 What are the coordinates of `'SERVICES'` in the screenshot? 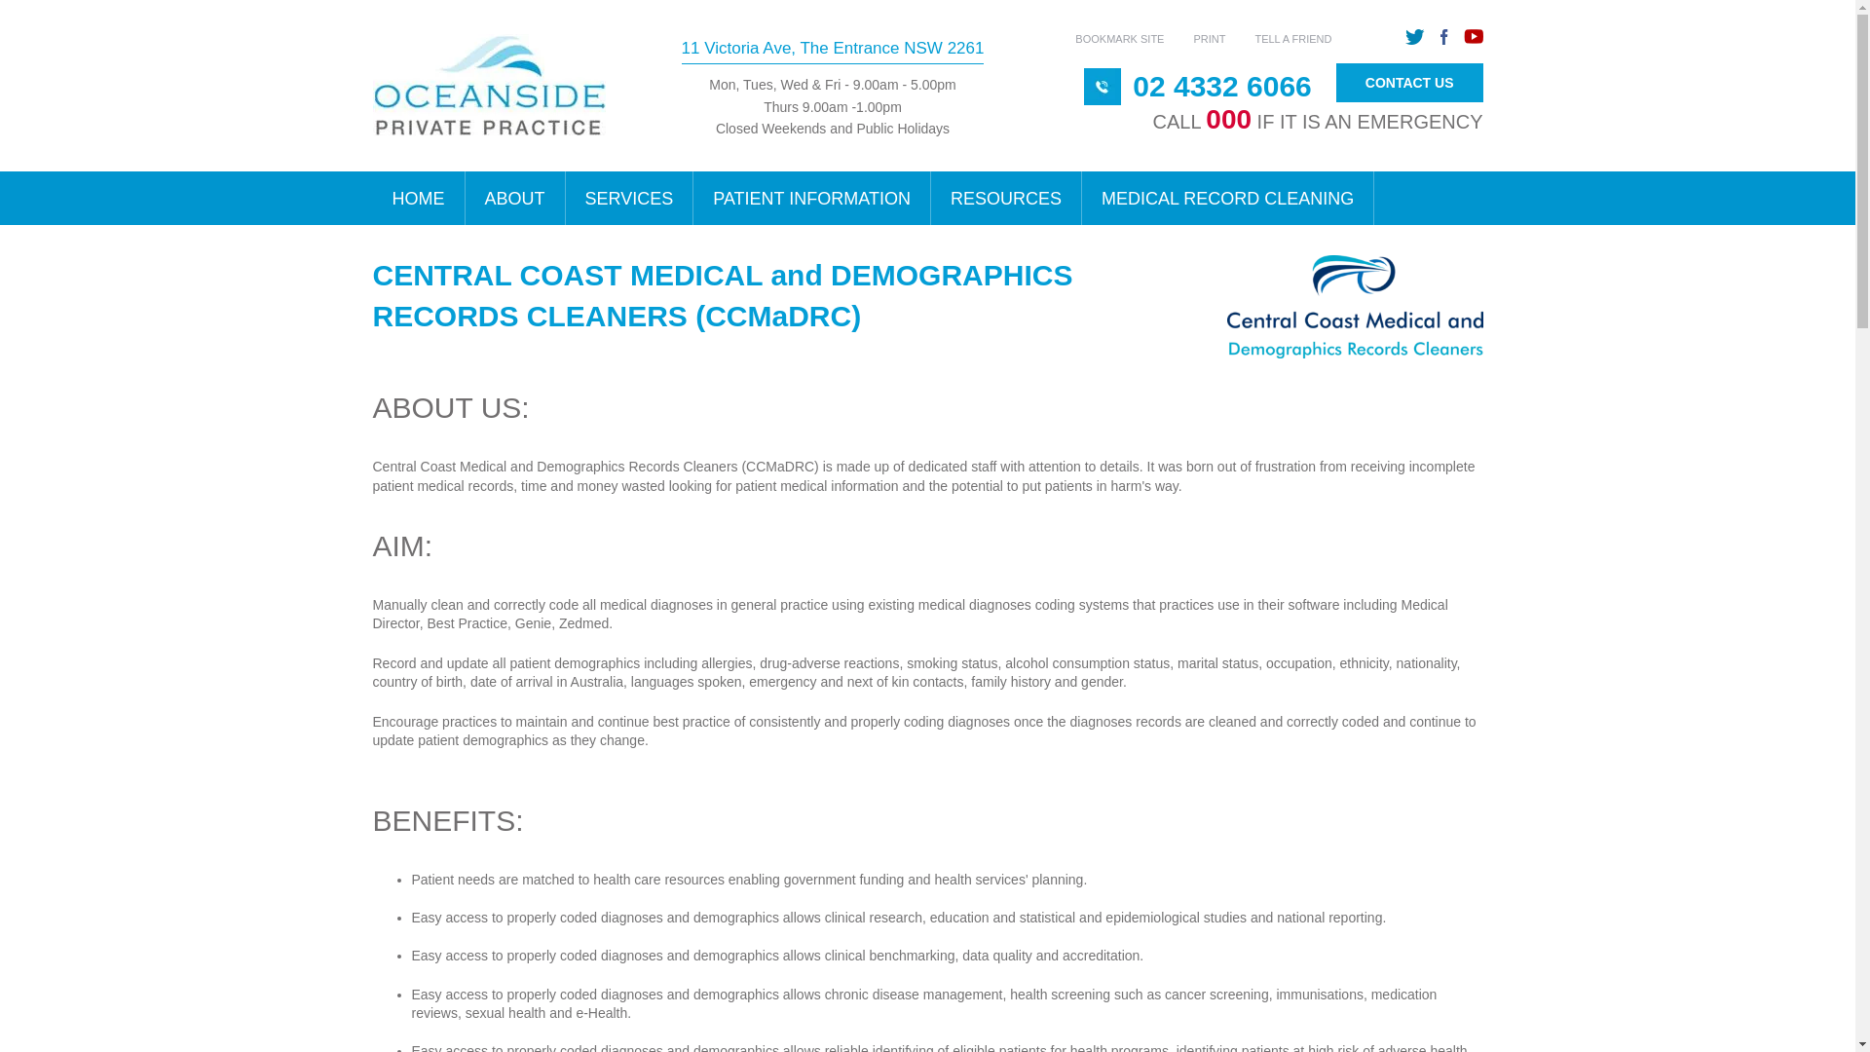 It's located at (564, 198).